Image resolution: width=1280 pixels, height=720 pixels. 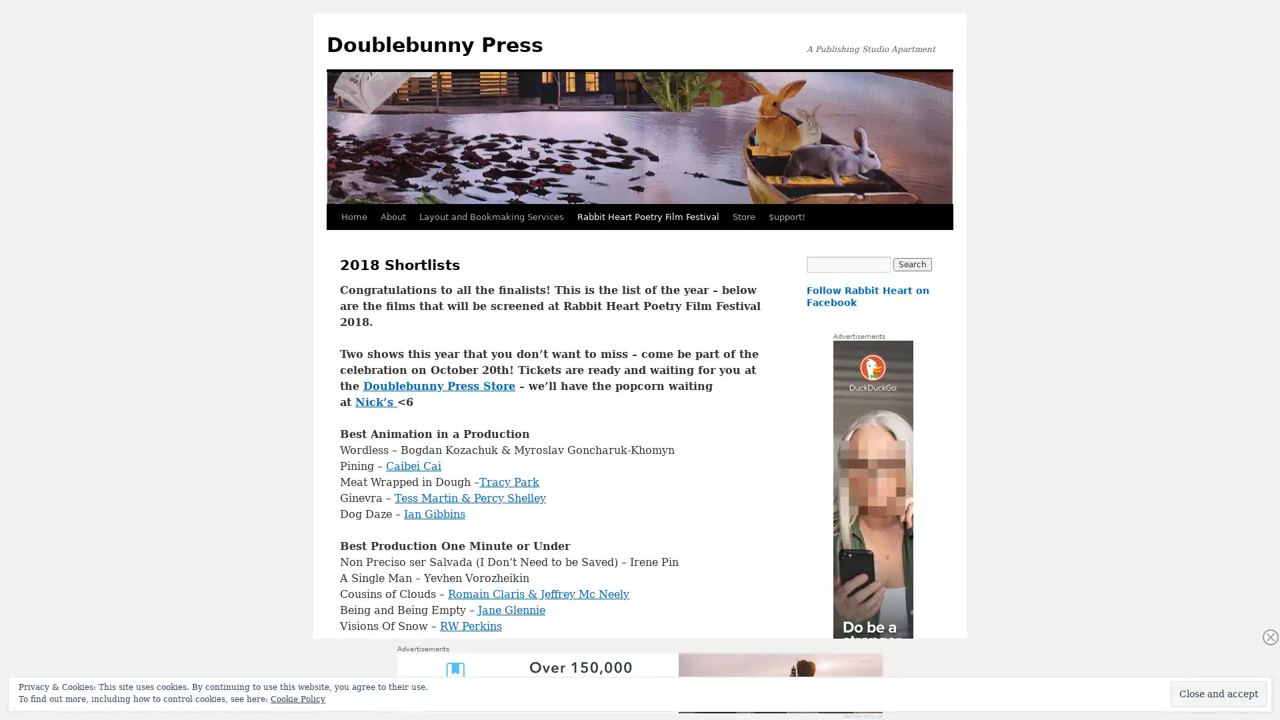 What do you see at coordinates (911, 265) in the screenshot?
I see `Search` at bounding box center [911, 265].